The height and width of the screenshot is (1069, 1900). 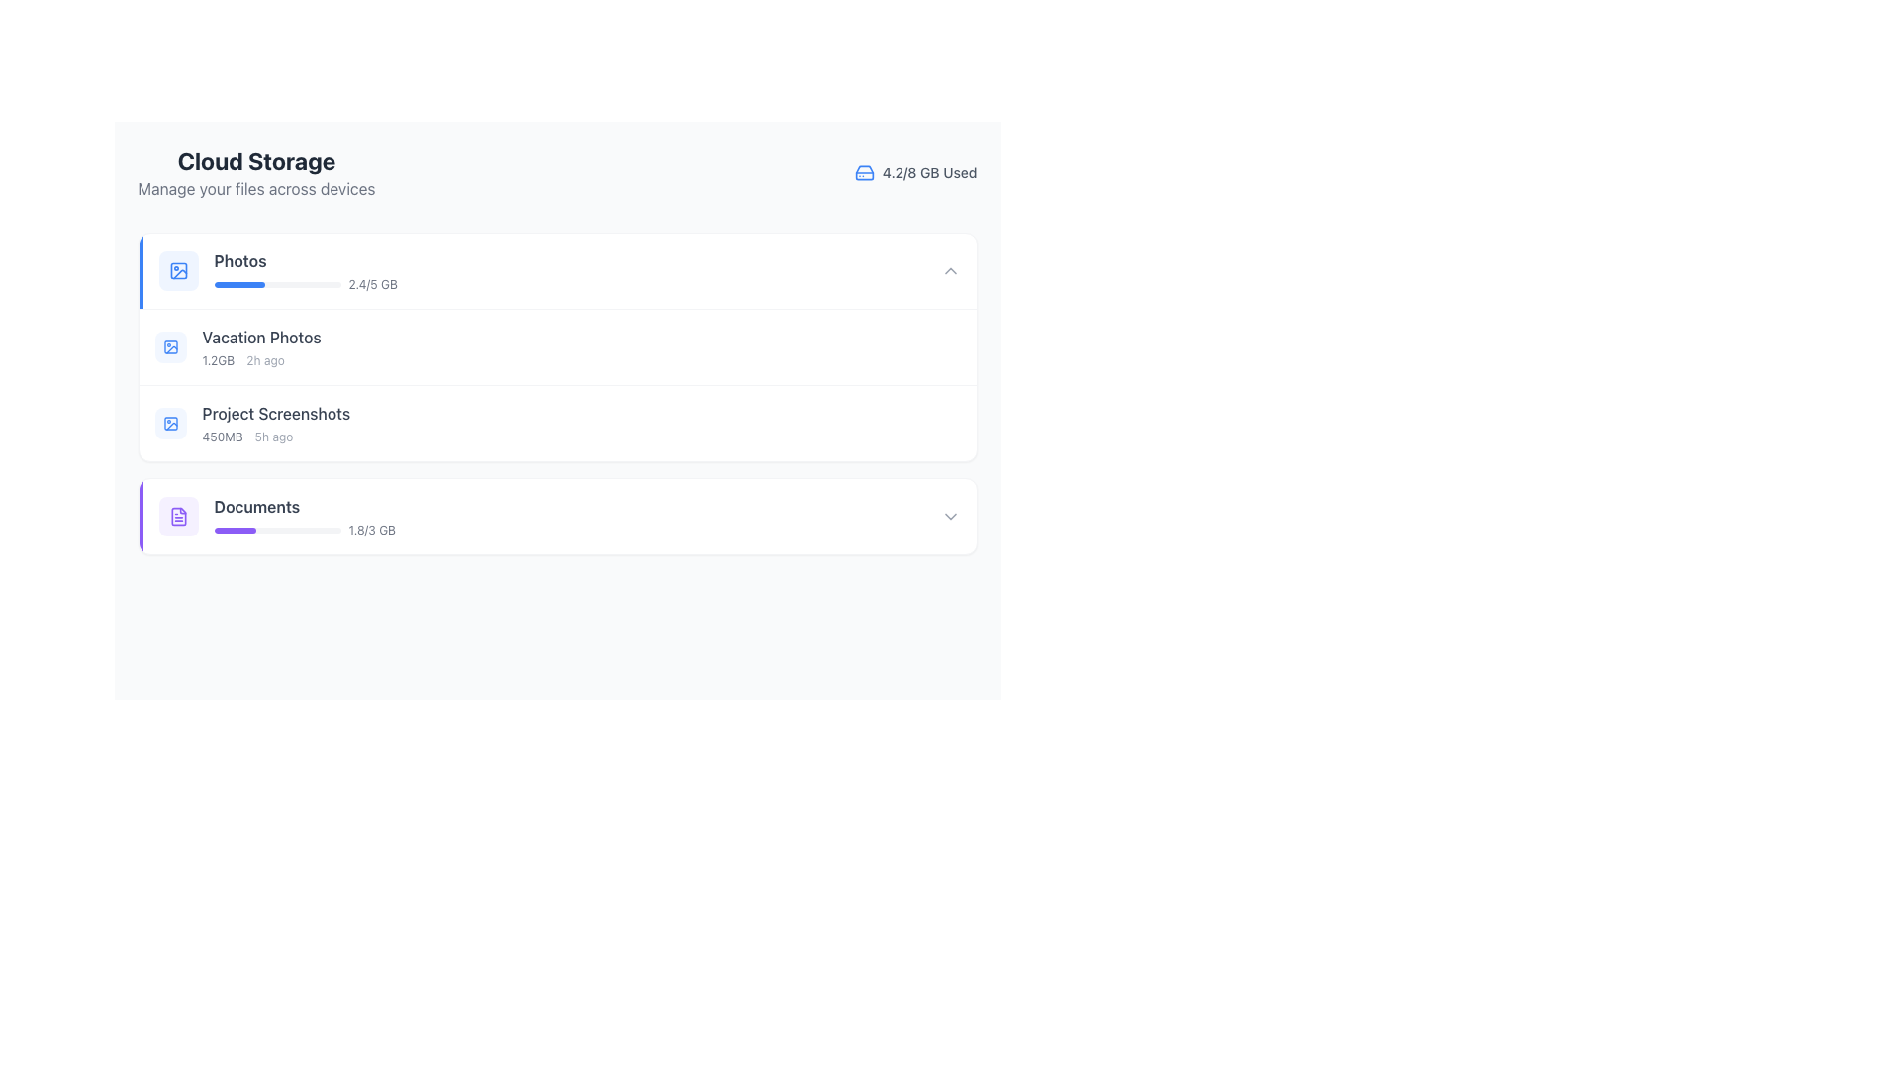 I want to click on the Icon representing the 'Documents' section, which visually identifies the category of content associated with this section, so click(x=178, y=515).